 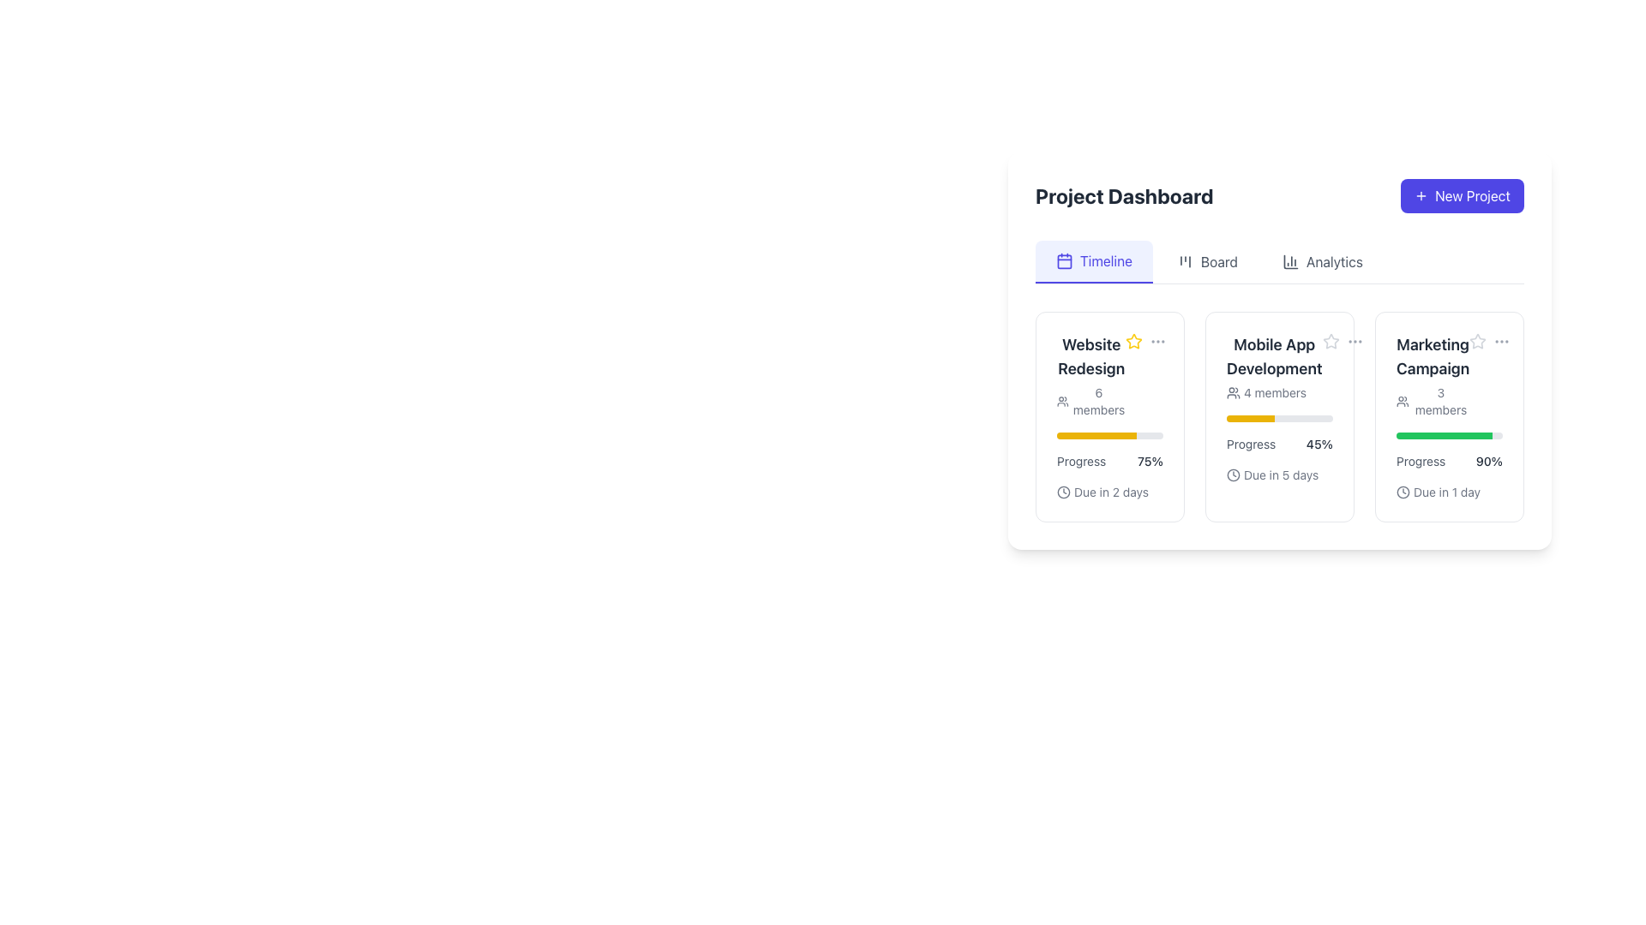 I want to click on the middle project card in the 'Project Dashboard' section for details about the project, so click(x=1279, y=416).